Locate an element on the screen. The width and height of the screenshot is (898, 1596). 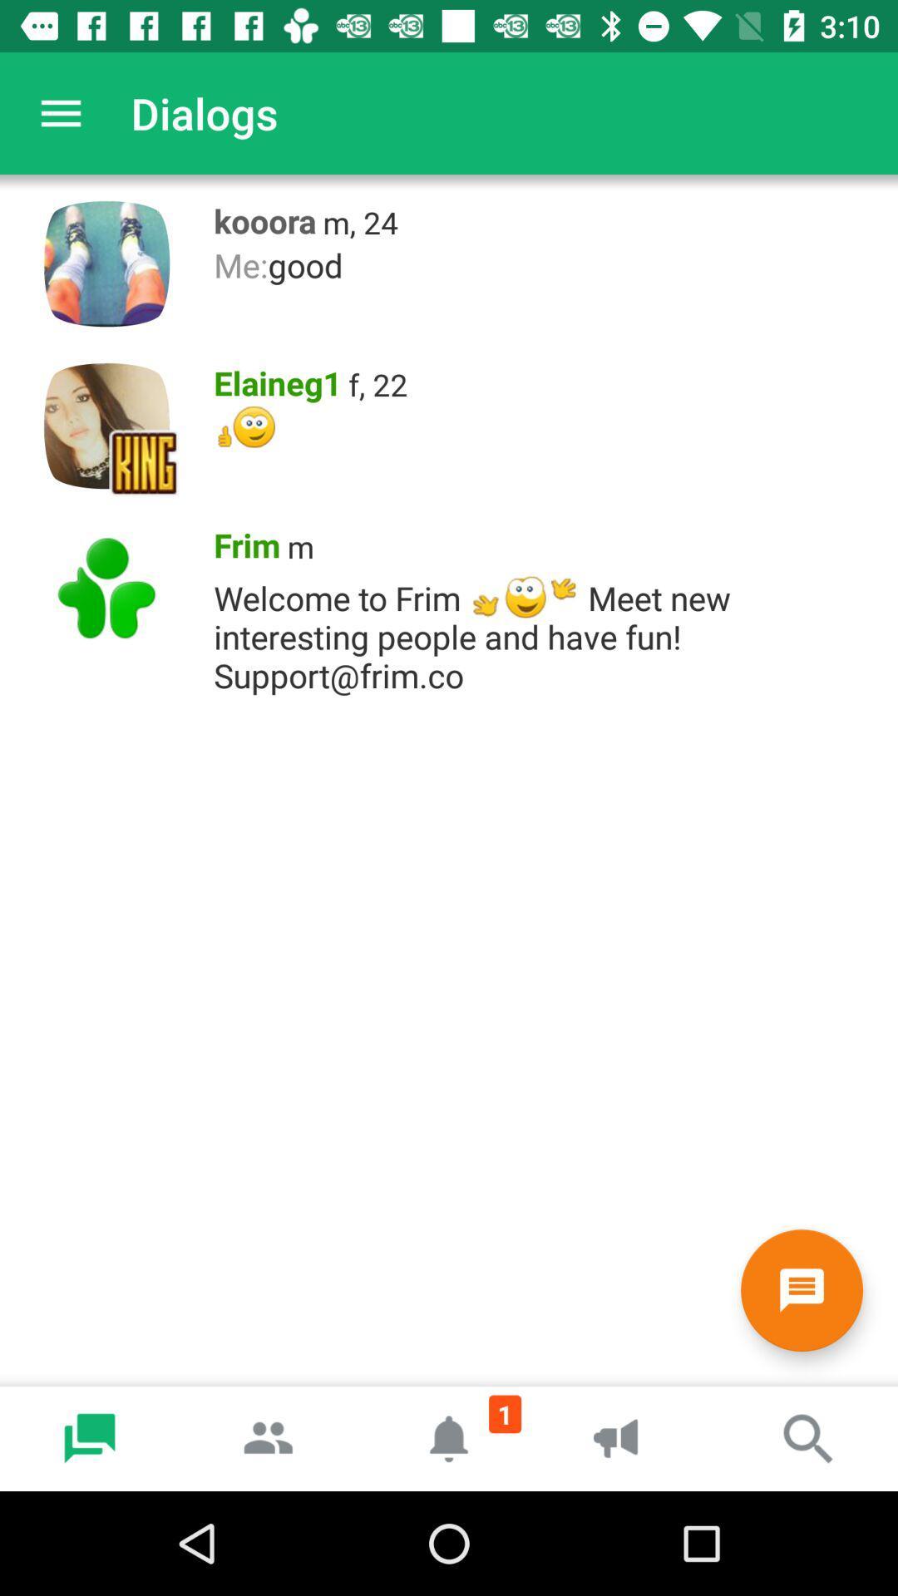
the item to the right of the kooora icon is located at coordinates (359, 221).